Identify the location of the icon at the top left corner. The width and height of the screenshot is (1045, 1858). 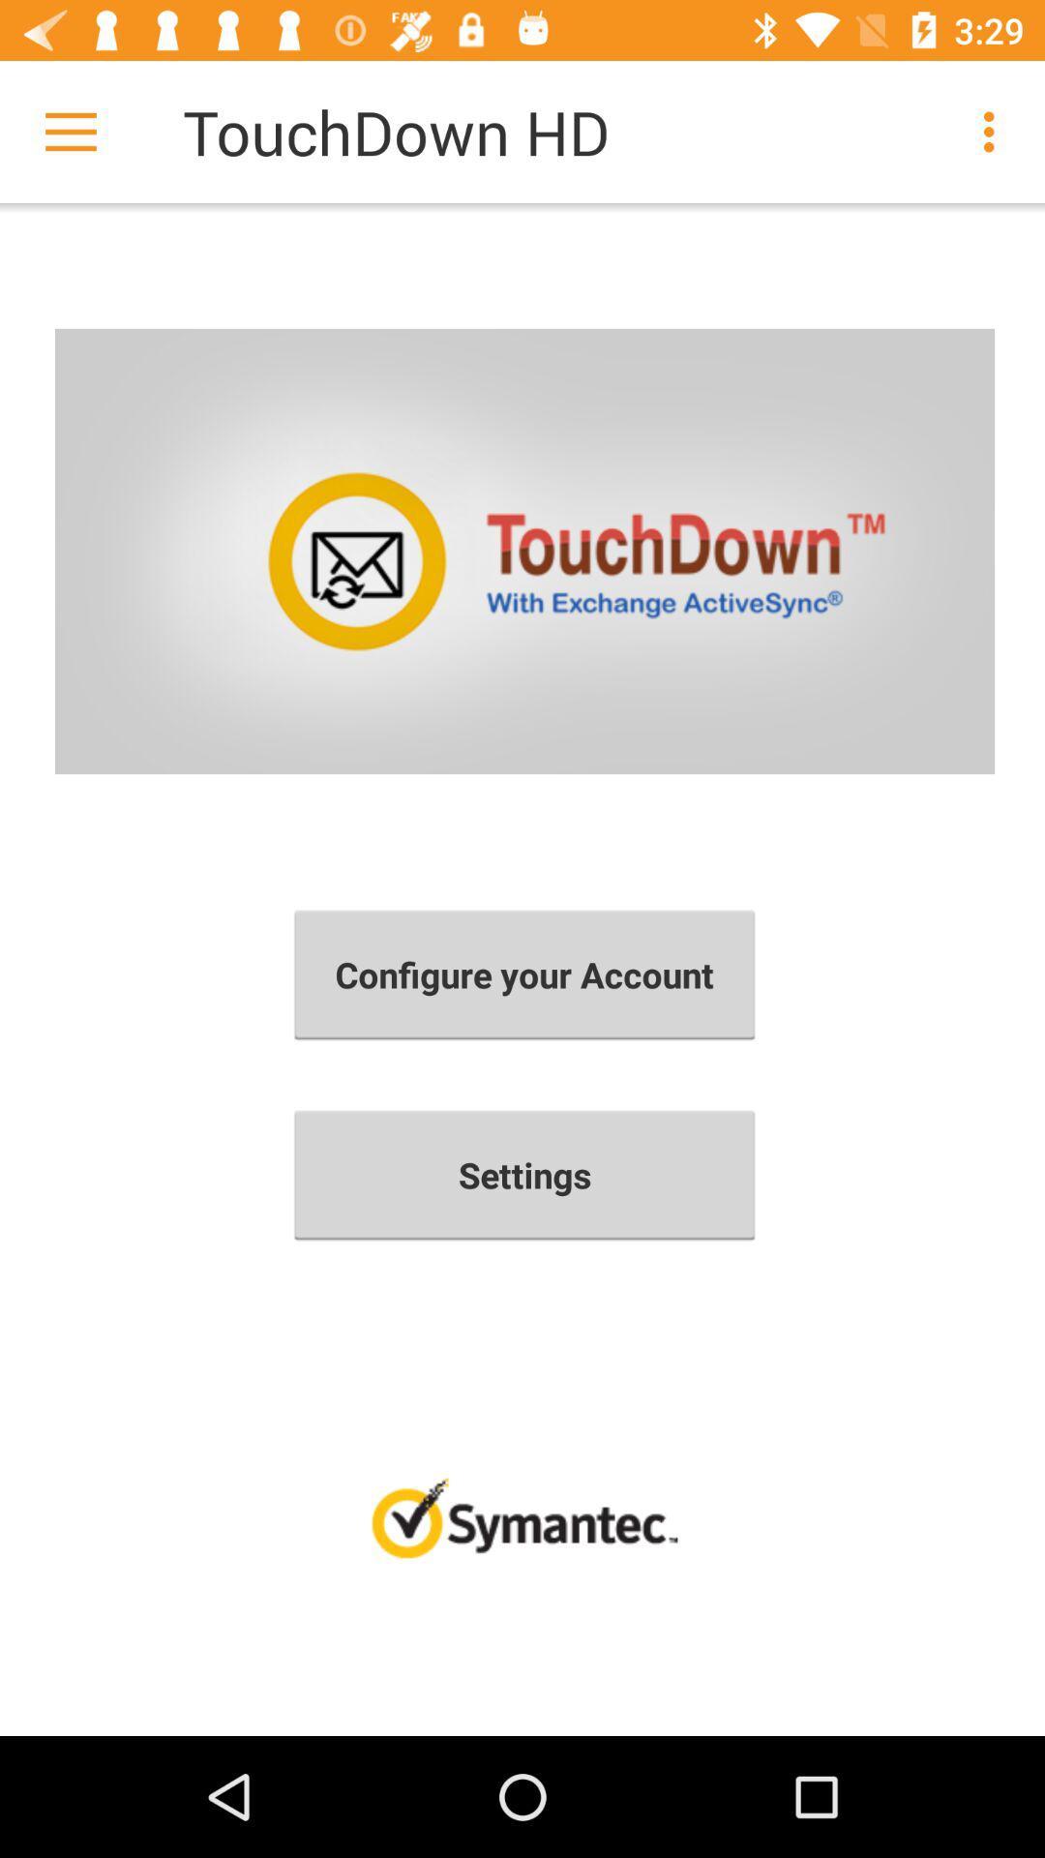
(70, 131).